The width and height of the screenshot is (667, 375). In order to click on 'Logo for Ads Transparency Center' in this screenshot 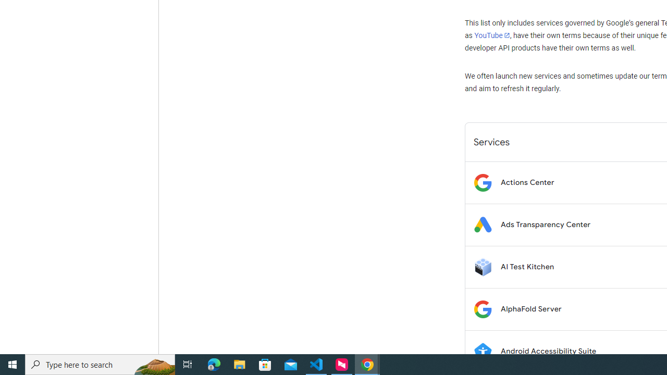, I will do `click(482, 224)`.